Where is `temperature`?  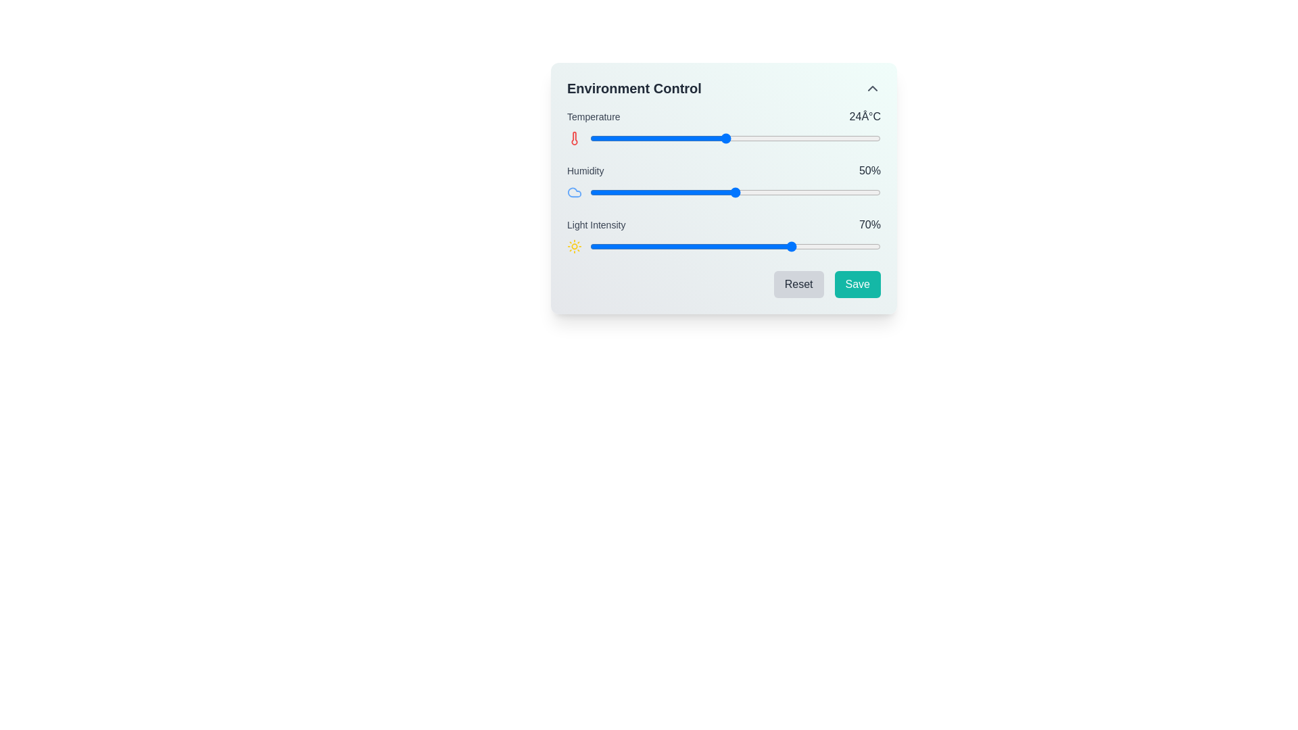 temperature is located at coordinates (687, 138).